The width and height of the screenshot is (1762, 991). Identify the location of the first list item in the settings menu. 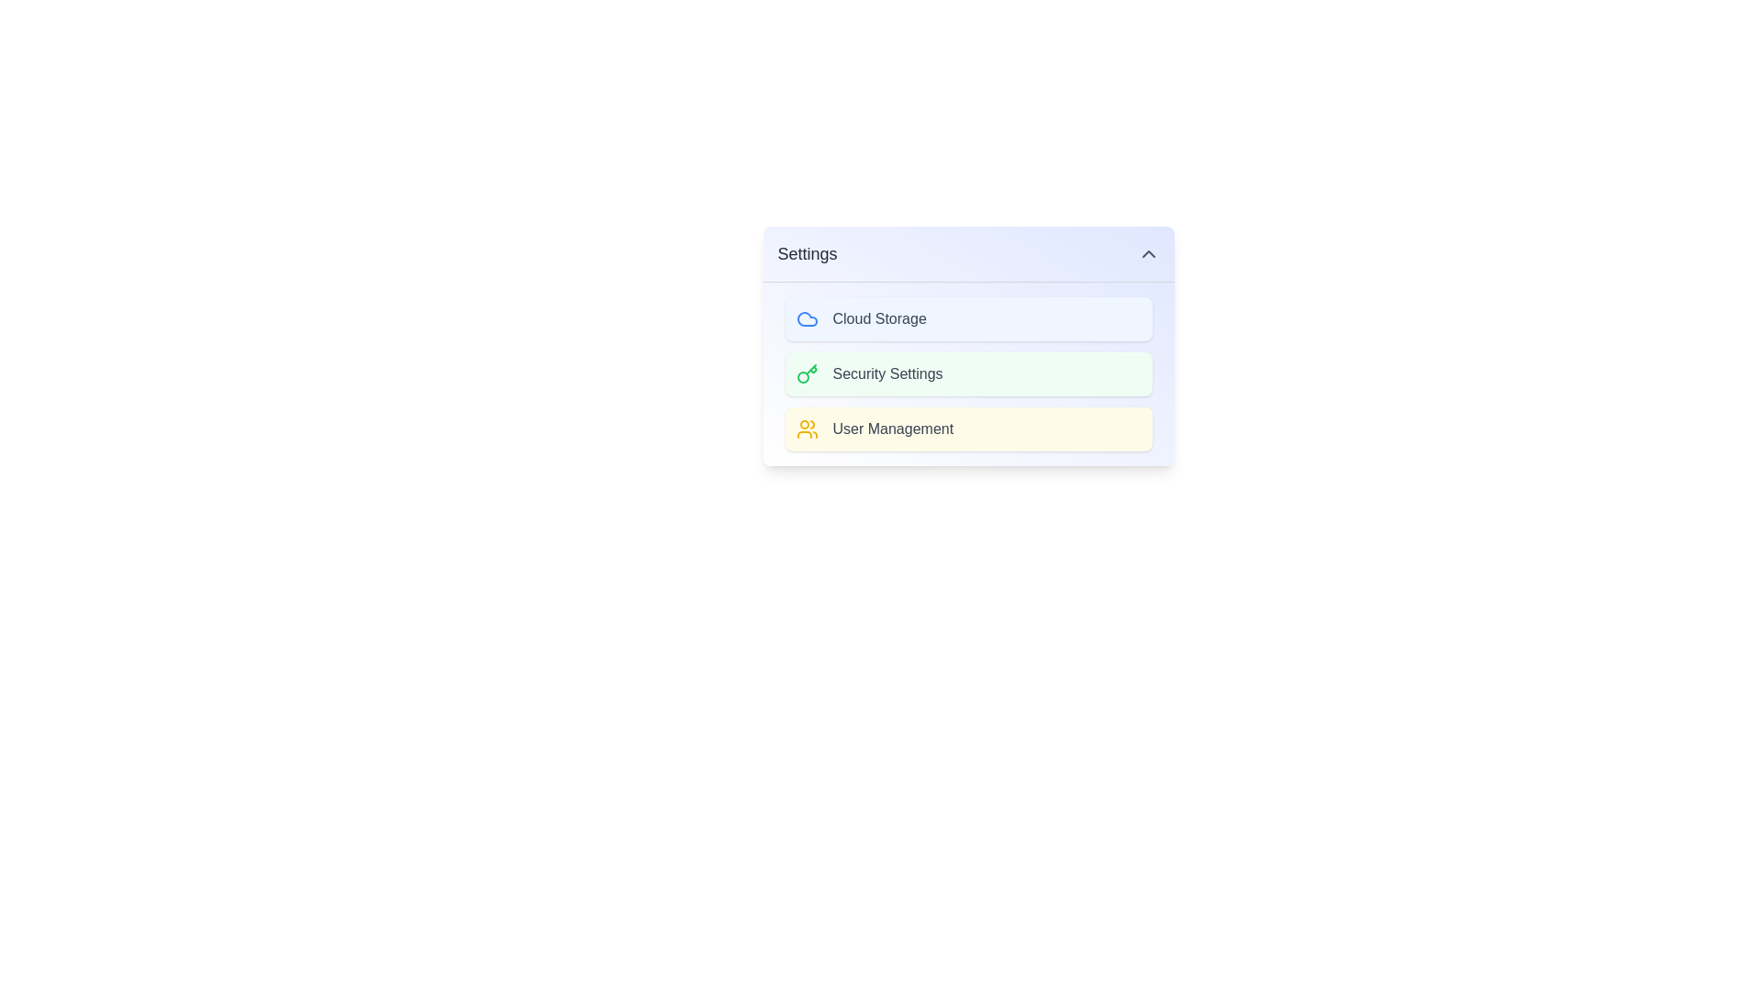
(967, 317).